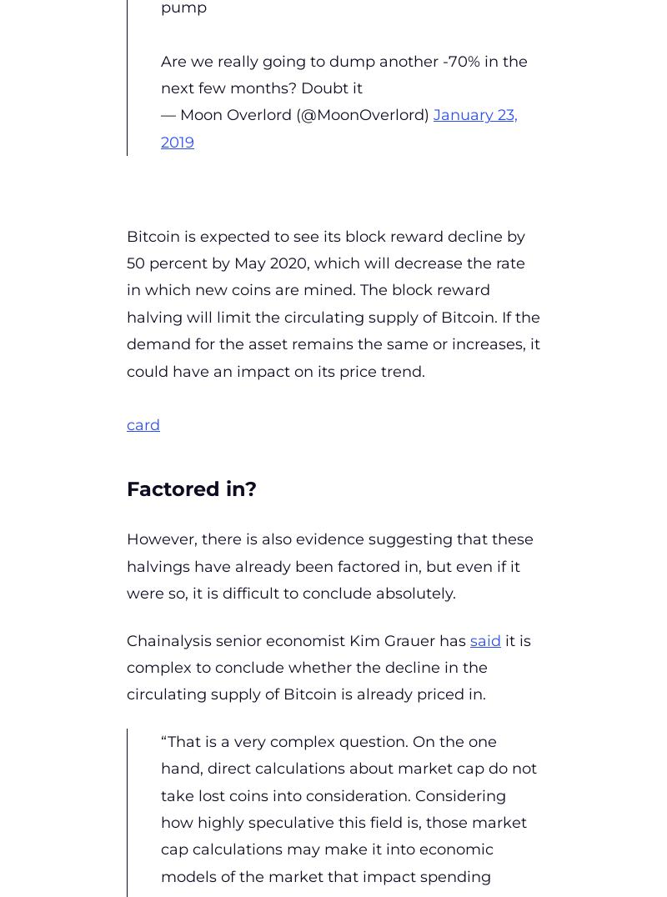 This screenshot has width=667, height=897. What do you see at coordinates (329, 566) in the screenshot?
I see `'However, there is also evidence suggesting that these halvings have already been factored in, but even if it were so, it is difficult to conclude absolutely.'` at bounding box center [329, 566].